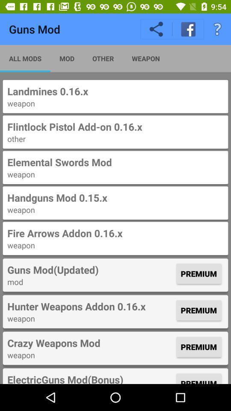 The height and width of the screenshot is (411, 231). Describe the element at coordinates (90, 343) in the screenshot. I see `the icon below the weapon` at that location.